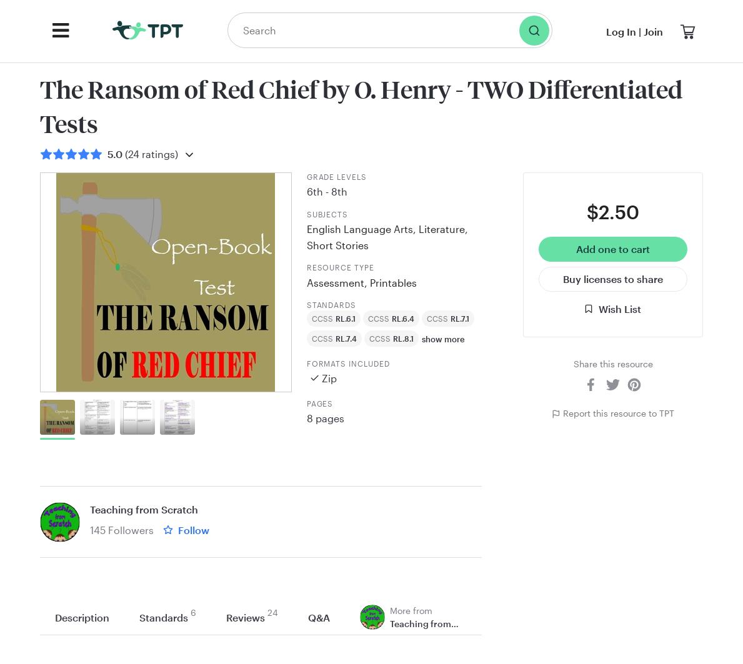 The image size is (743, 664). Describe the element at coordinates (305, 402) in the screenshot. I see `'Pages'` at that location.